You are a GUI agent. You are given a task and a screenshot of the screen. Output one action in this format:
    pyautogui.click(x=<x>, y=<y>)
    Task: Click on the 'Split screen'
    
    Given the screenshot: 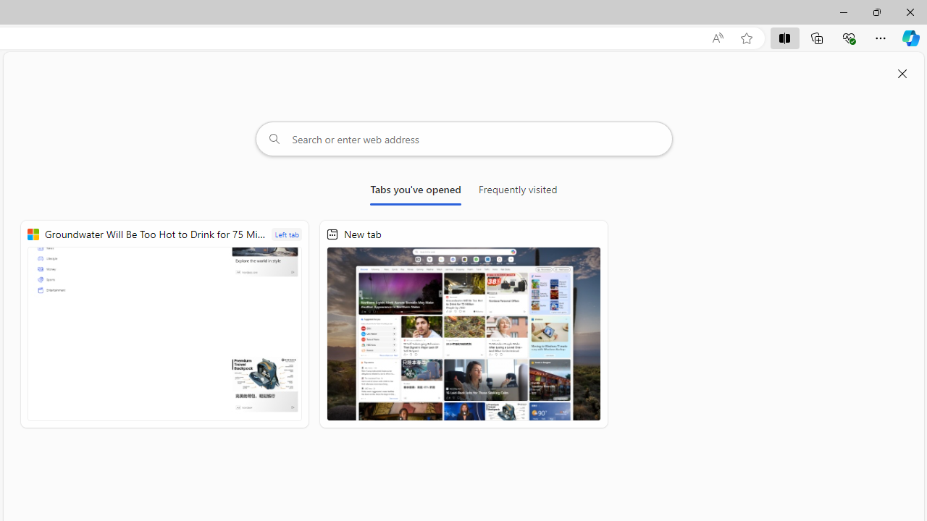 What is the action you would take?
    pyautogui.click(x=784, y=37)
    